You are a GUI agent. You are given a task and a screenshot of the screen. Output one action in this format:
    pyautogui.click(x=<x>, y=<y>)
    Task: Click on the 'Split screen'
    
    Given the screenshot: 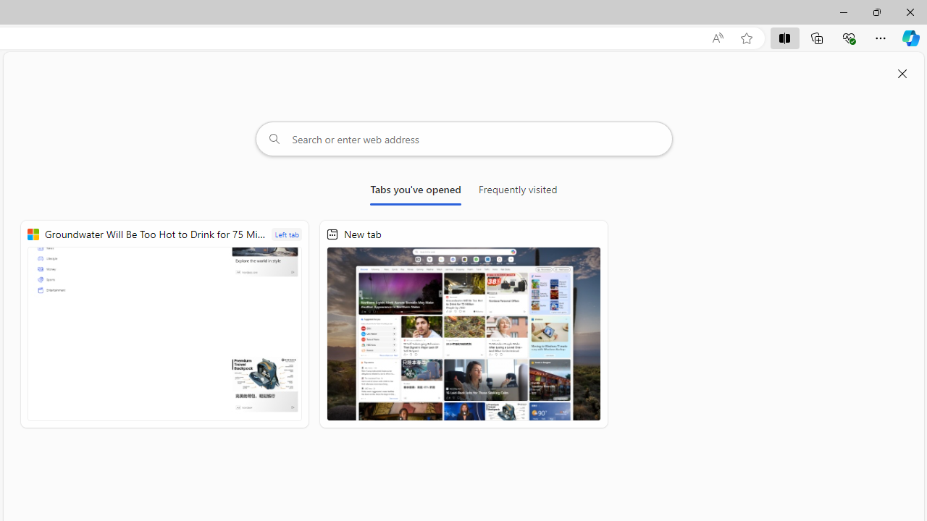 What is the action you would take?
    pyautogui.click(x=784, y=37)
    